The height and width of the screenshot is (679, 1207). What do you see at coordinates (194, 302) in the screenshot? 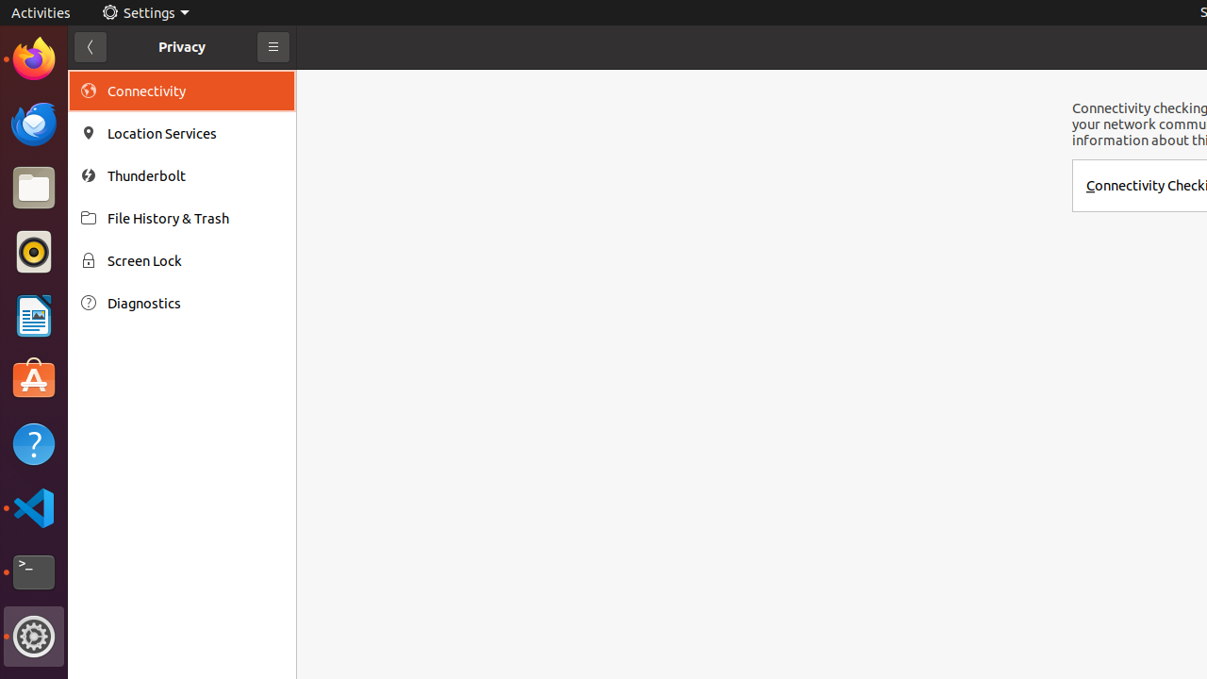
I see `'Diagnostics'` at bounding box center [194, 302].